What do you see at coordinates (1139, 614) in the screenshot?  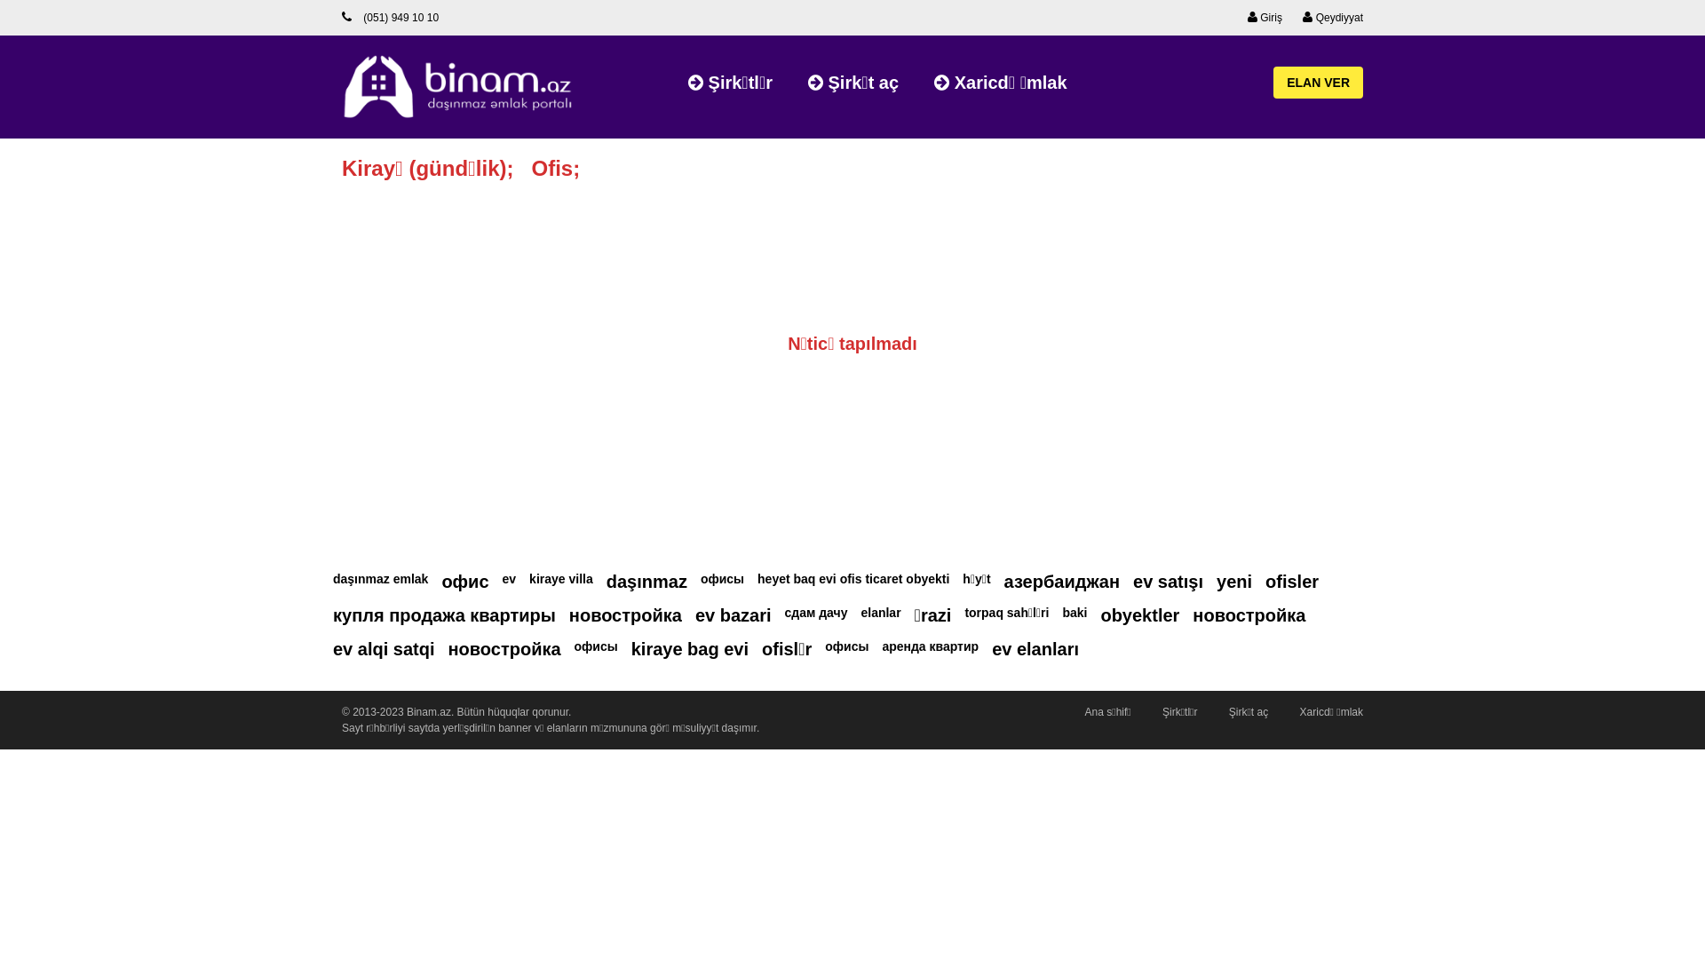 I see `'obyektler'` at bounding box center [1139, 614].